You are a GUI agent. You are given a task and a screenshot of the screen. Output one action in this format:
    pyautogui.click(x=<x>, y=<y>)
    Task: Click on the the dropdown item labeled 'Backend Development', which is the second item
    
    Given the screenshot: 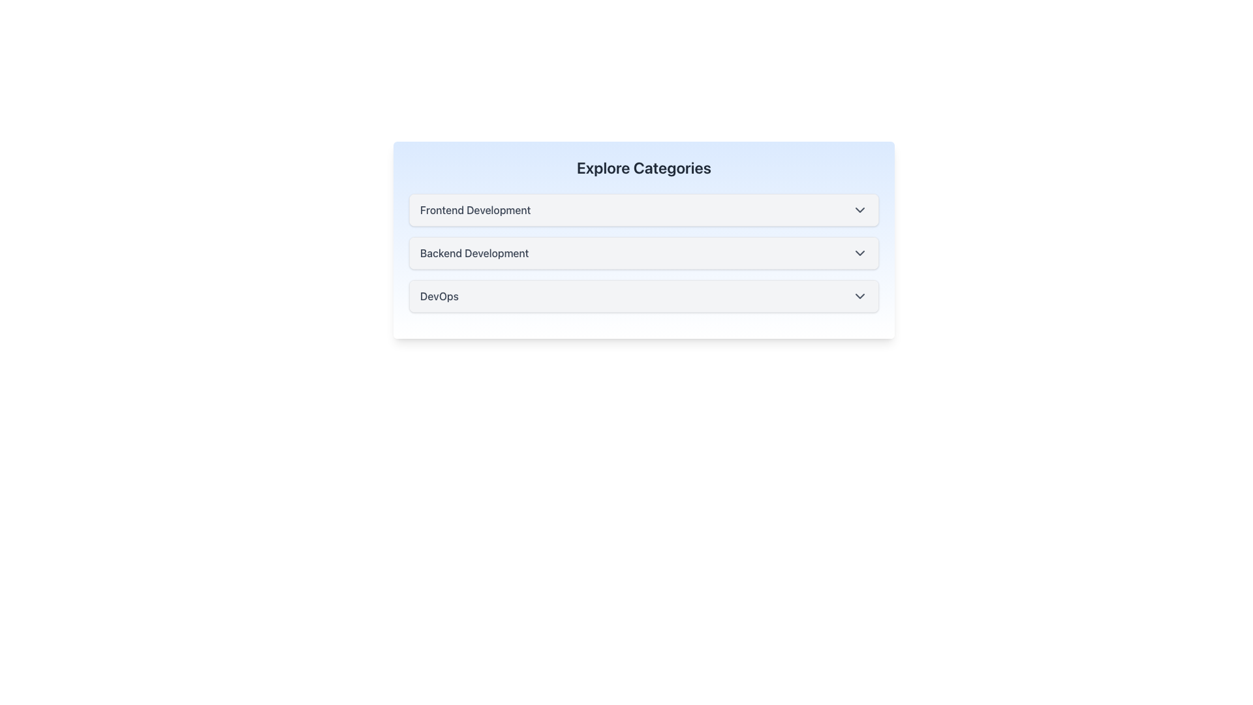 What is the action you would take?
    pyautogui.click(x=644, y=253)
    